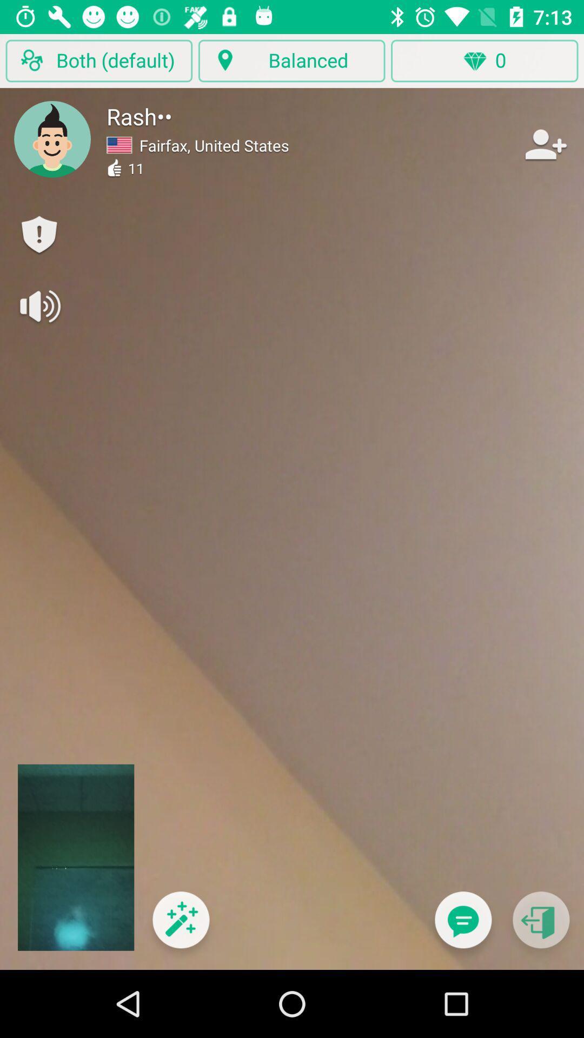 This screenshot has height=1038, width=584. I want to click on icon below the 0 icon, so click(462, 926).